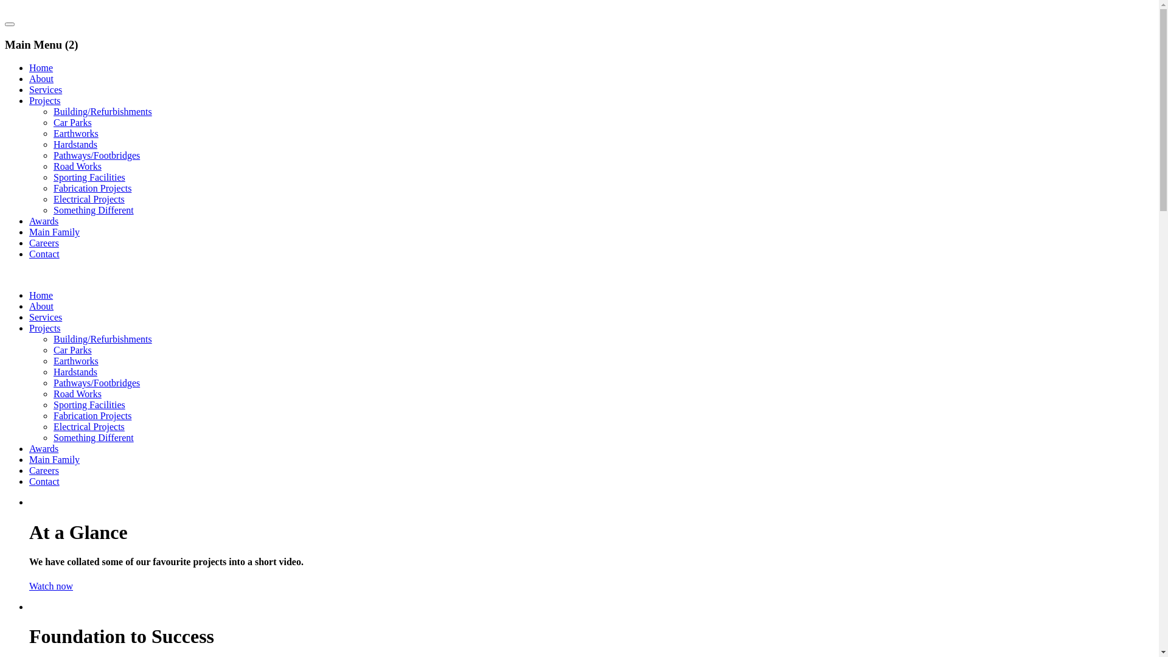 The image size is (1168, 657). What do you see at coordinates (44, 448) in the screenshot?
I see `'Awards'` at bounding box center [44, 448].